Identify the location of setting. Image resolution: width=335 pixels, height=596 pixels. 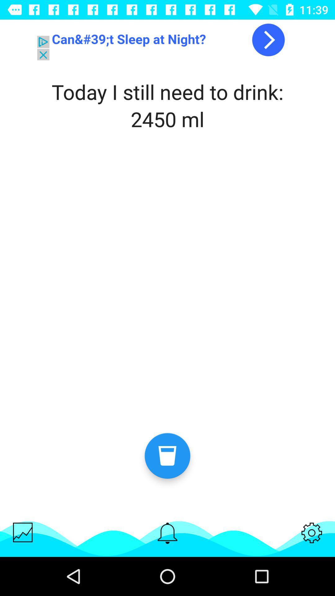
(312, 532).